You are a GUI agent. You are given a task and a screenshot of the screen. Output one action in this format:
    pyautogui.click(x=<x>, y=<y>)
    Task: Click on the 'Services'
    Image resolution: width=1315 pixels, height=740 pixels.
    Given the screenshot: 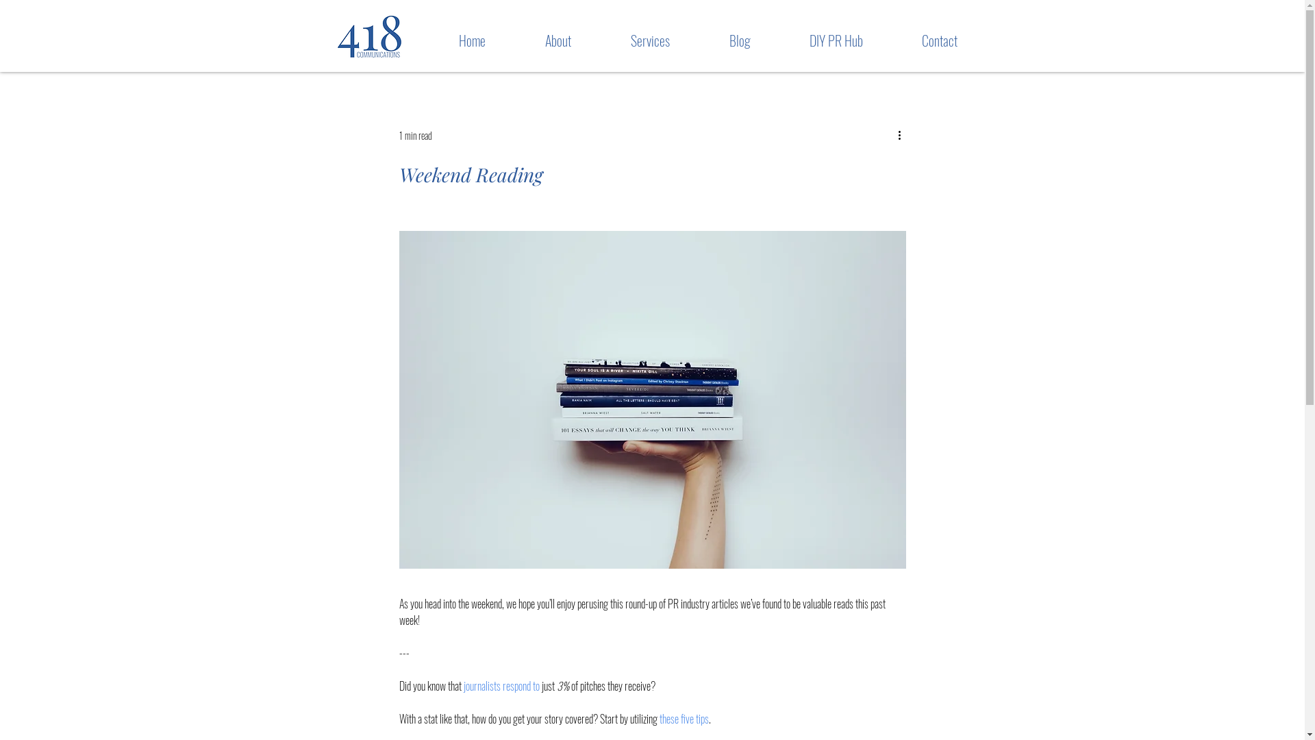 What is the action you would take?
    pyautogui.click(x=629, y=40)
    